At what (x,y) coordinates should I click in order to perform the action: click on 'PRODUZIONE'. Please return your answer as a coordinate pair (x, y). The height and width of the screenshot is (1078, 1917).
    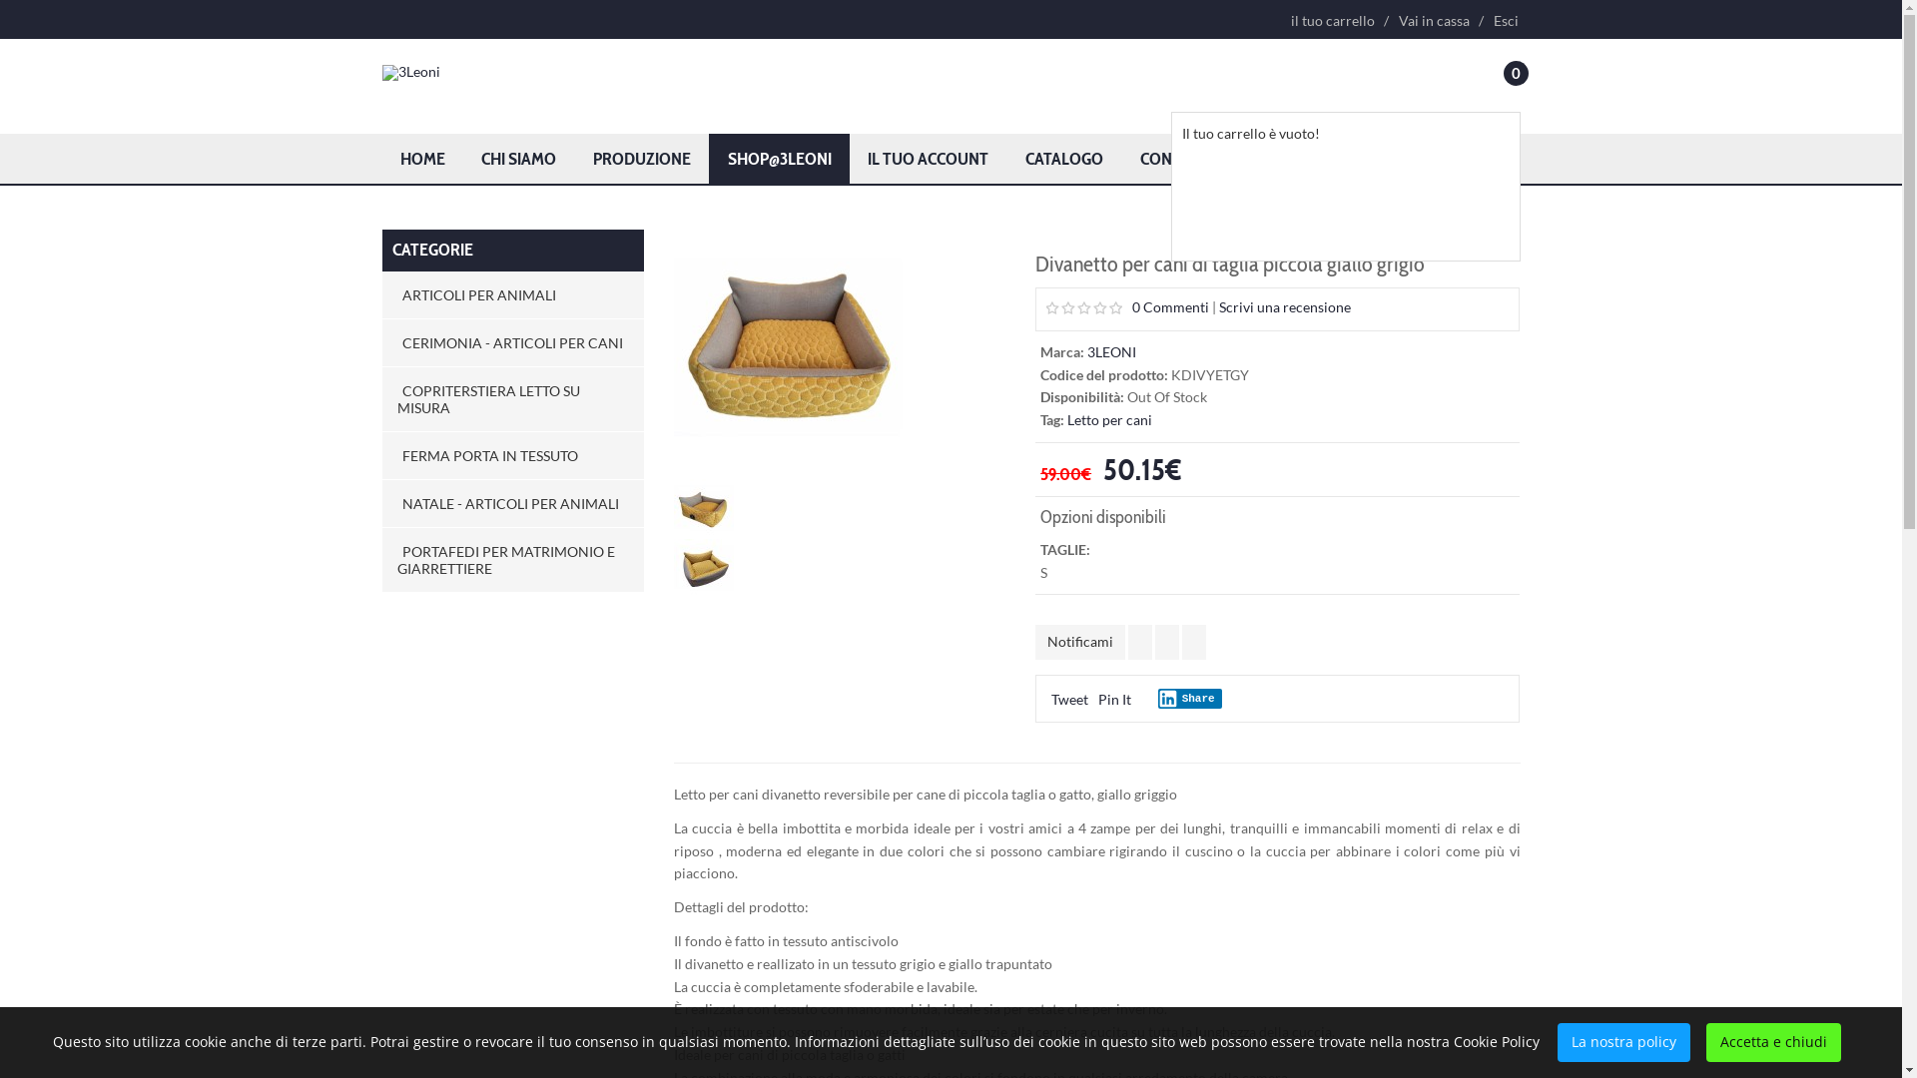
    Looking at the image, I should click on (642, 157).